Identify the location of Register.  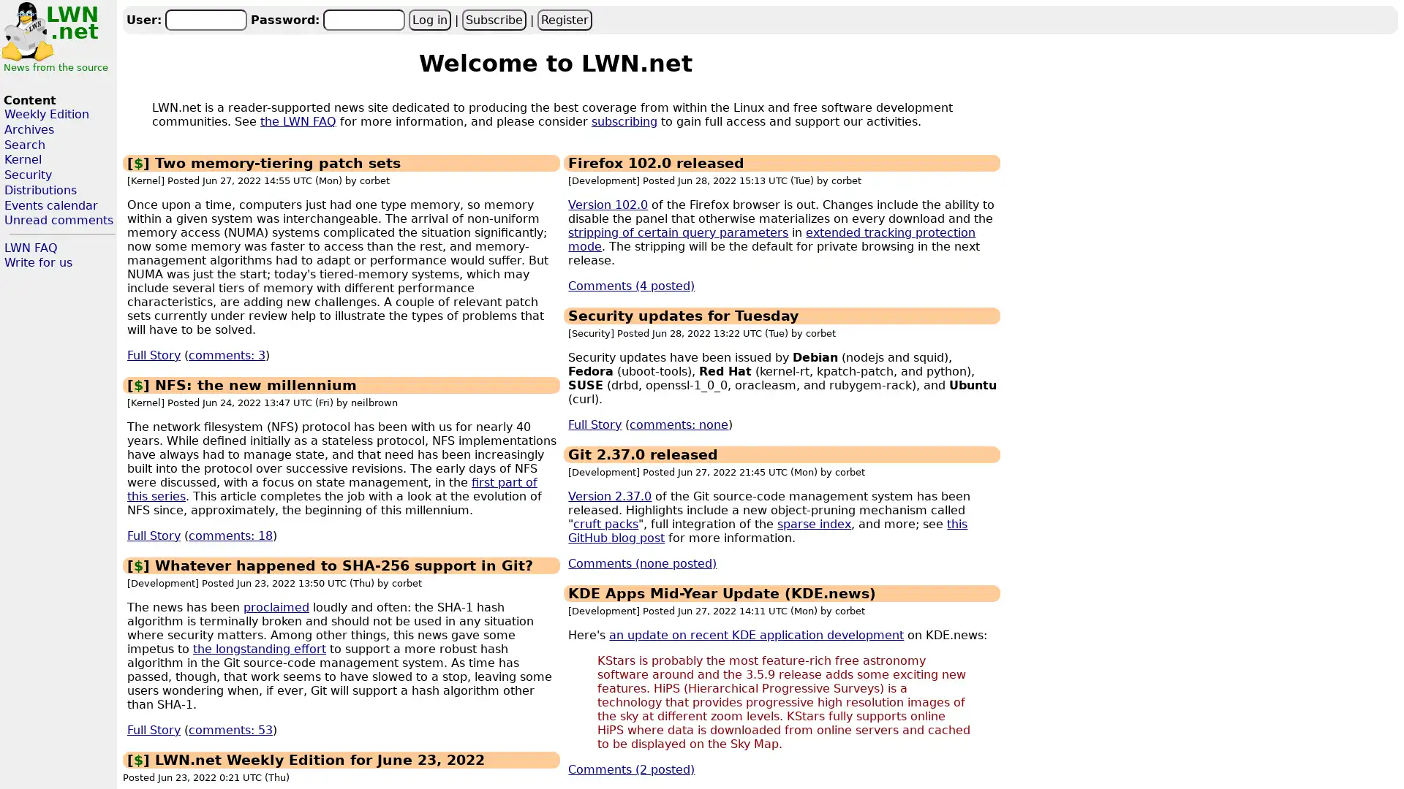
(563, 19).